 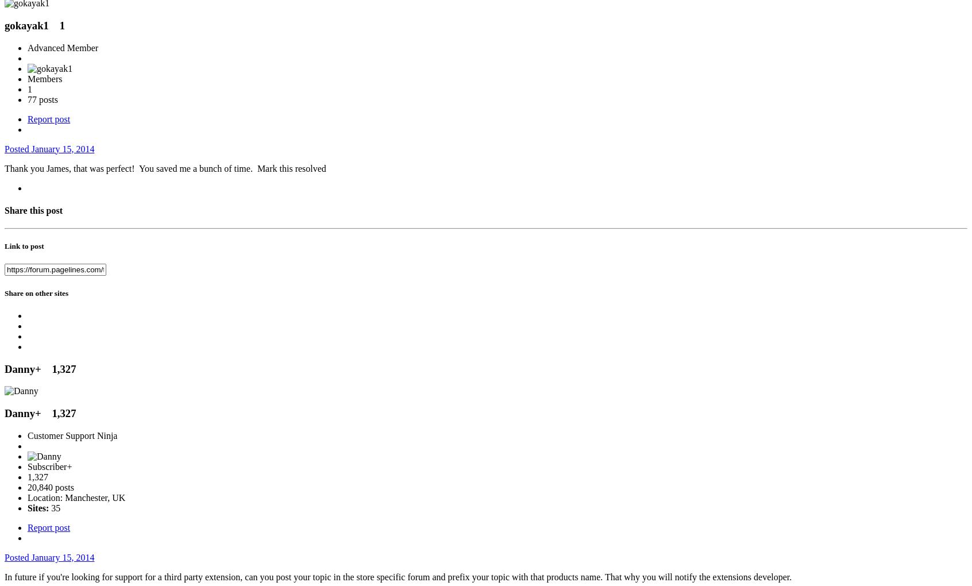 I want to click on '20,840 posts', so click(x=50, y=487).